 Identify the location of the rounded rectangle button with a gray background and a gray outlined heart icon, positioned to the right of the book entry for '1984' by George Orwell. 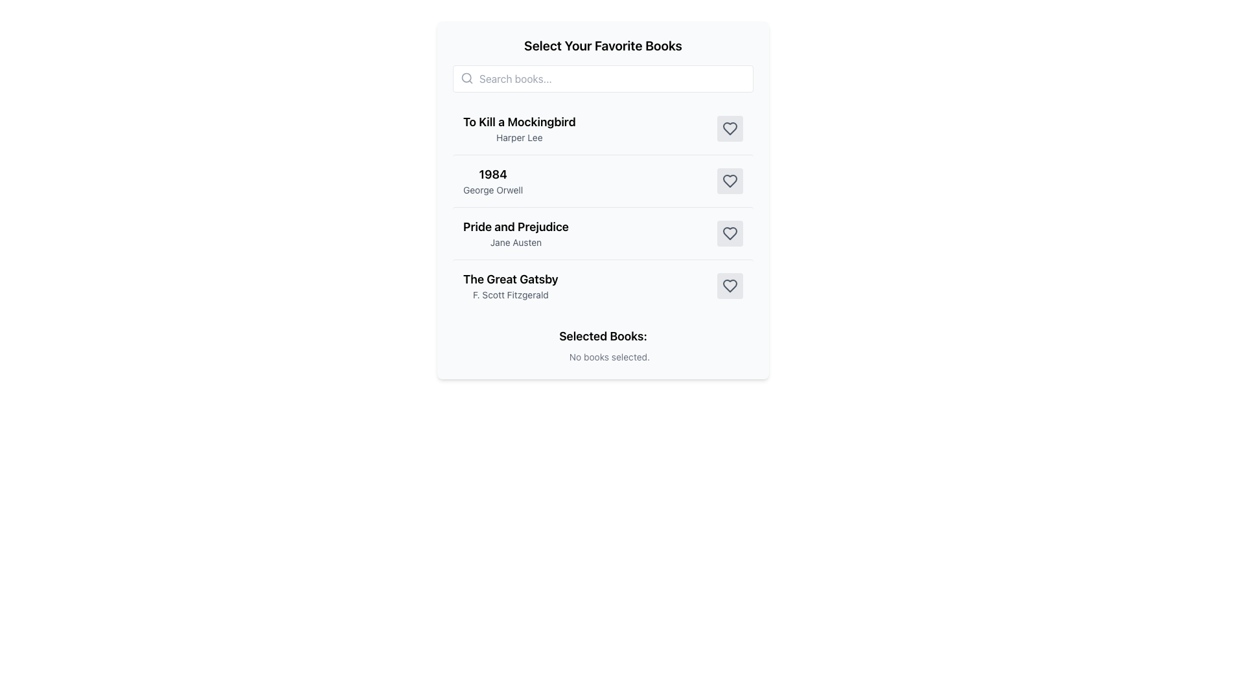
(730, 181).